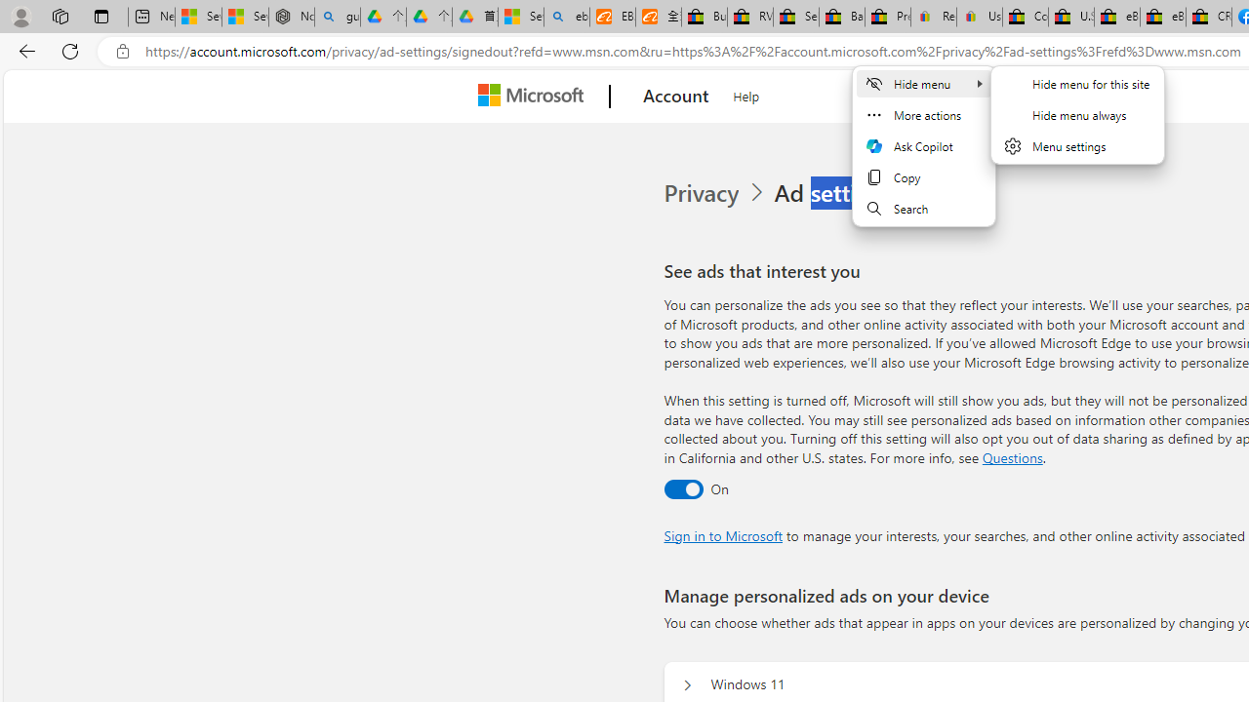 This screenshot has height=702, width=1249. What do you see at coordinates (101, 16) in the screenshot?
I see `'Tab actions menu'` at bounding box center [101, 16].